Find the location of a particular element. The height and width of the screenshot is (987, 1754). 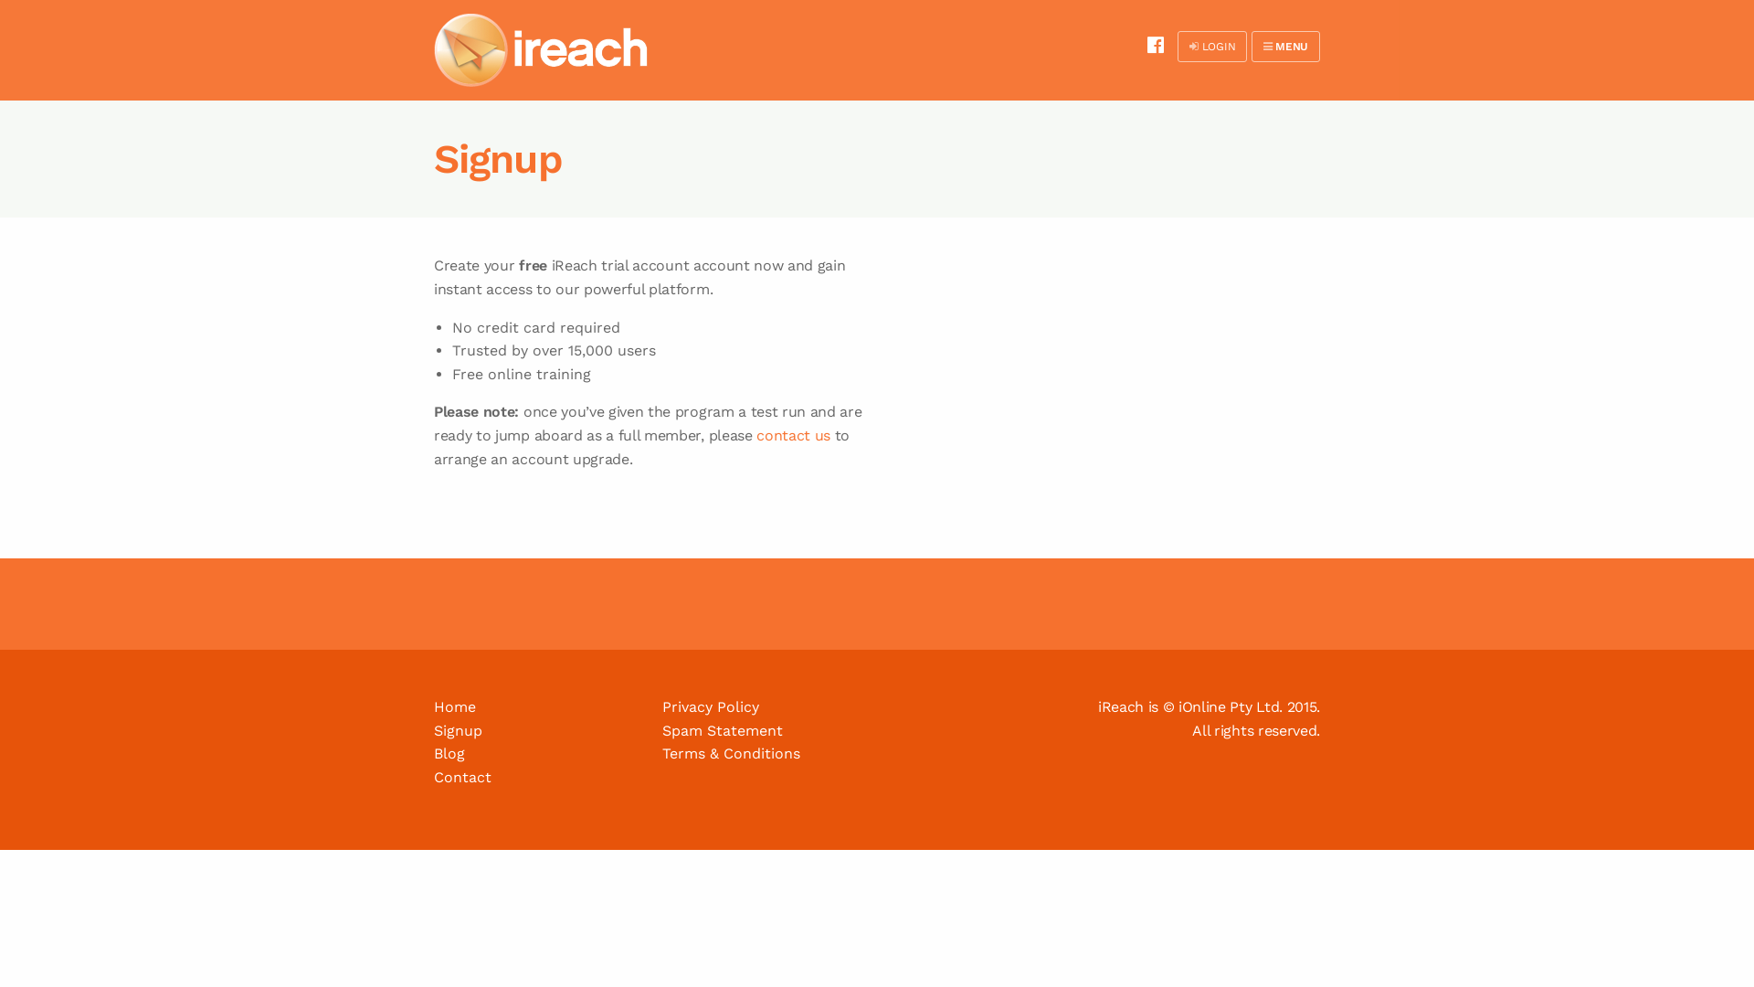

'Signup' is located at coordinates (458, 729).